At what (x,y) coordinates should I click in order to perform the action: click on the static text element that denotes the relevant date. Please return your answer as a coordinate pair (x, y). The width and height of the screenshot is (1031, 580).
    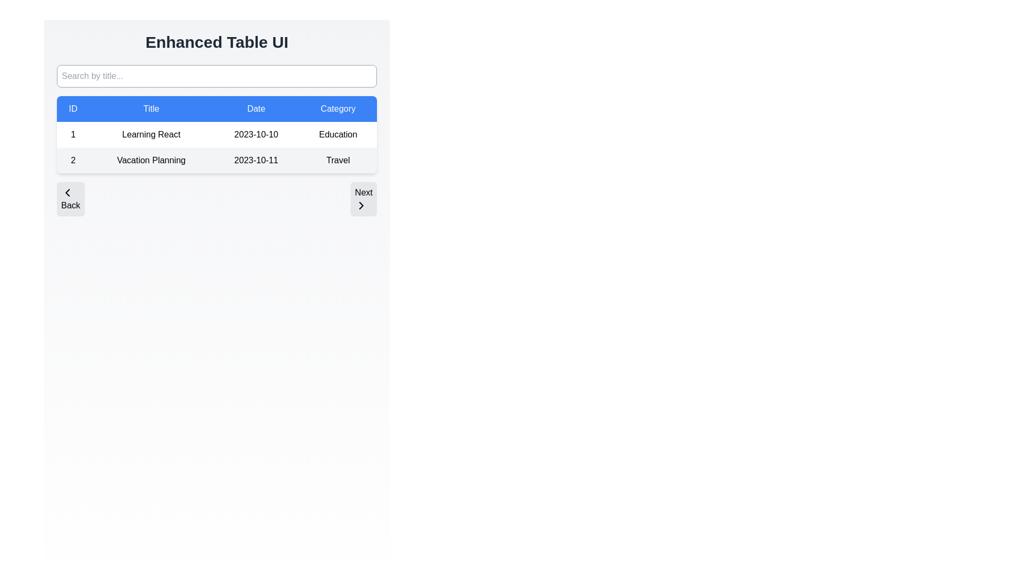
    Looking at the image, I should click on (256, 161).